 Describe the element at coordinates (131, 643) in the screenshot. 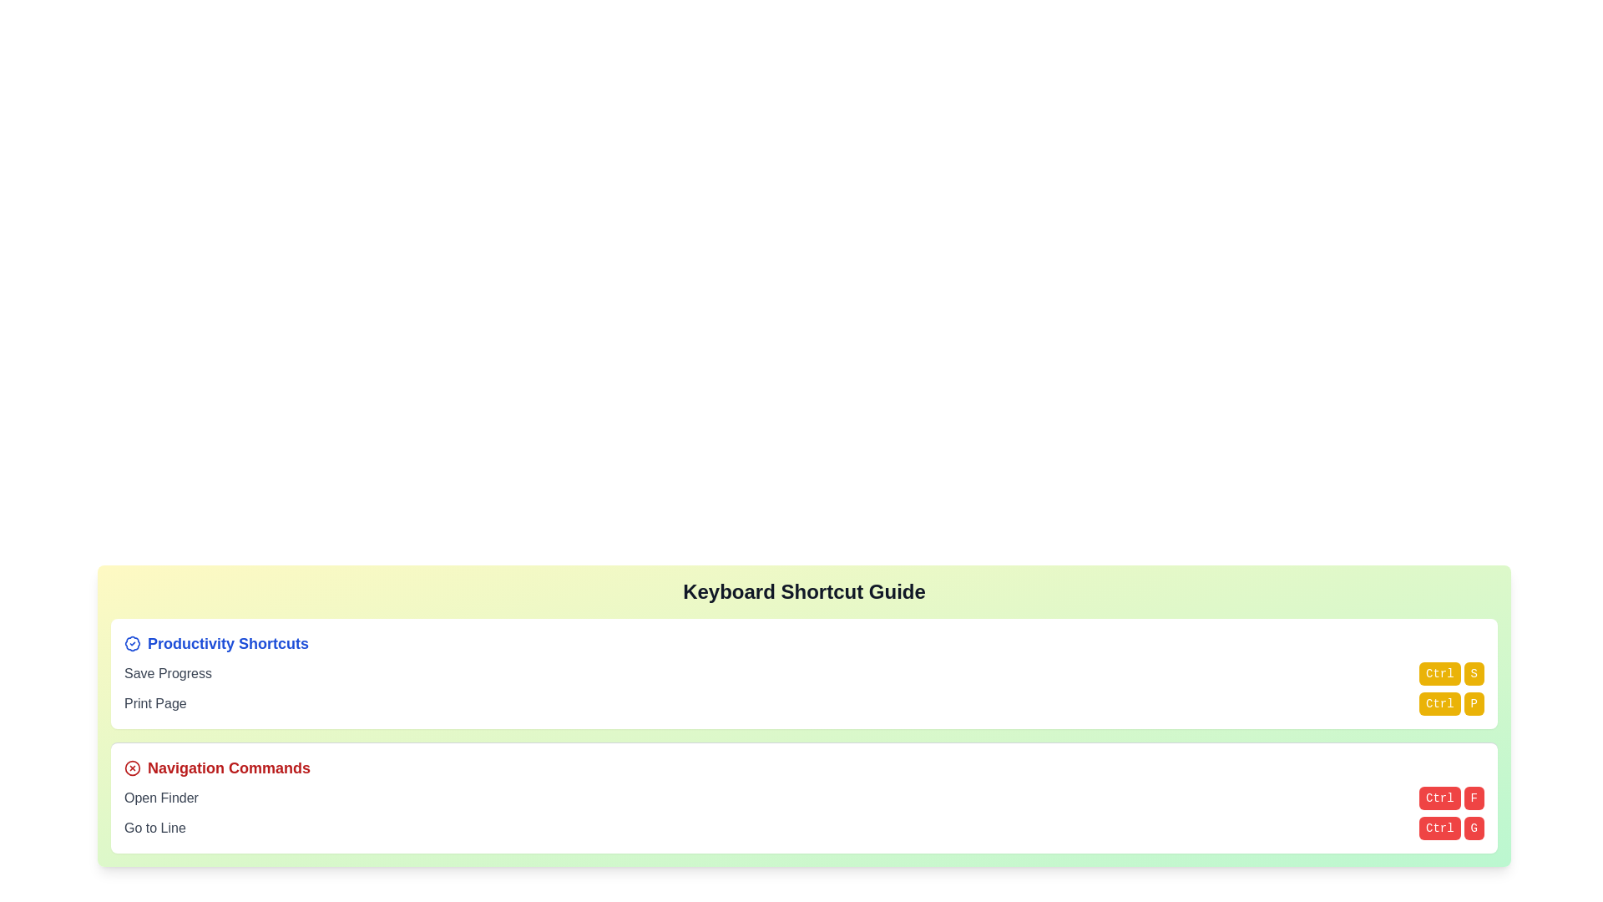

I see `the icon that is visually located to the immediate left of the 'Productivity Shortcuts' label in the top-left section of the card` at that location.